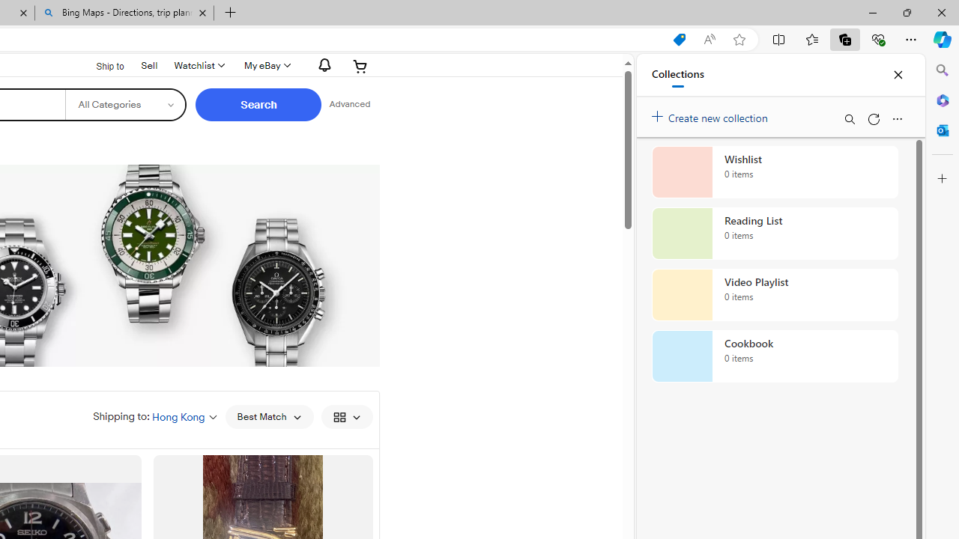 This screenshot has height=539, width=959. What do you see at coordinates (321, 64) in the screenshot?
I see `'AutomationID: gh-eb-Alerts'` at bounding box center [321, 64].